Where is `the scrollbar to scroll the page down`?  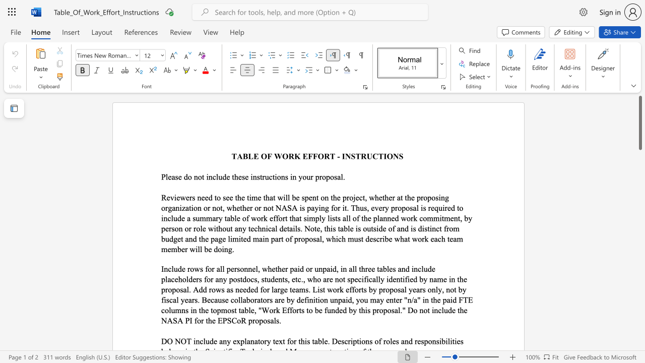 the scrollbar to scroll the page down is located at coordinates (639, 307).